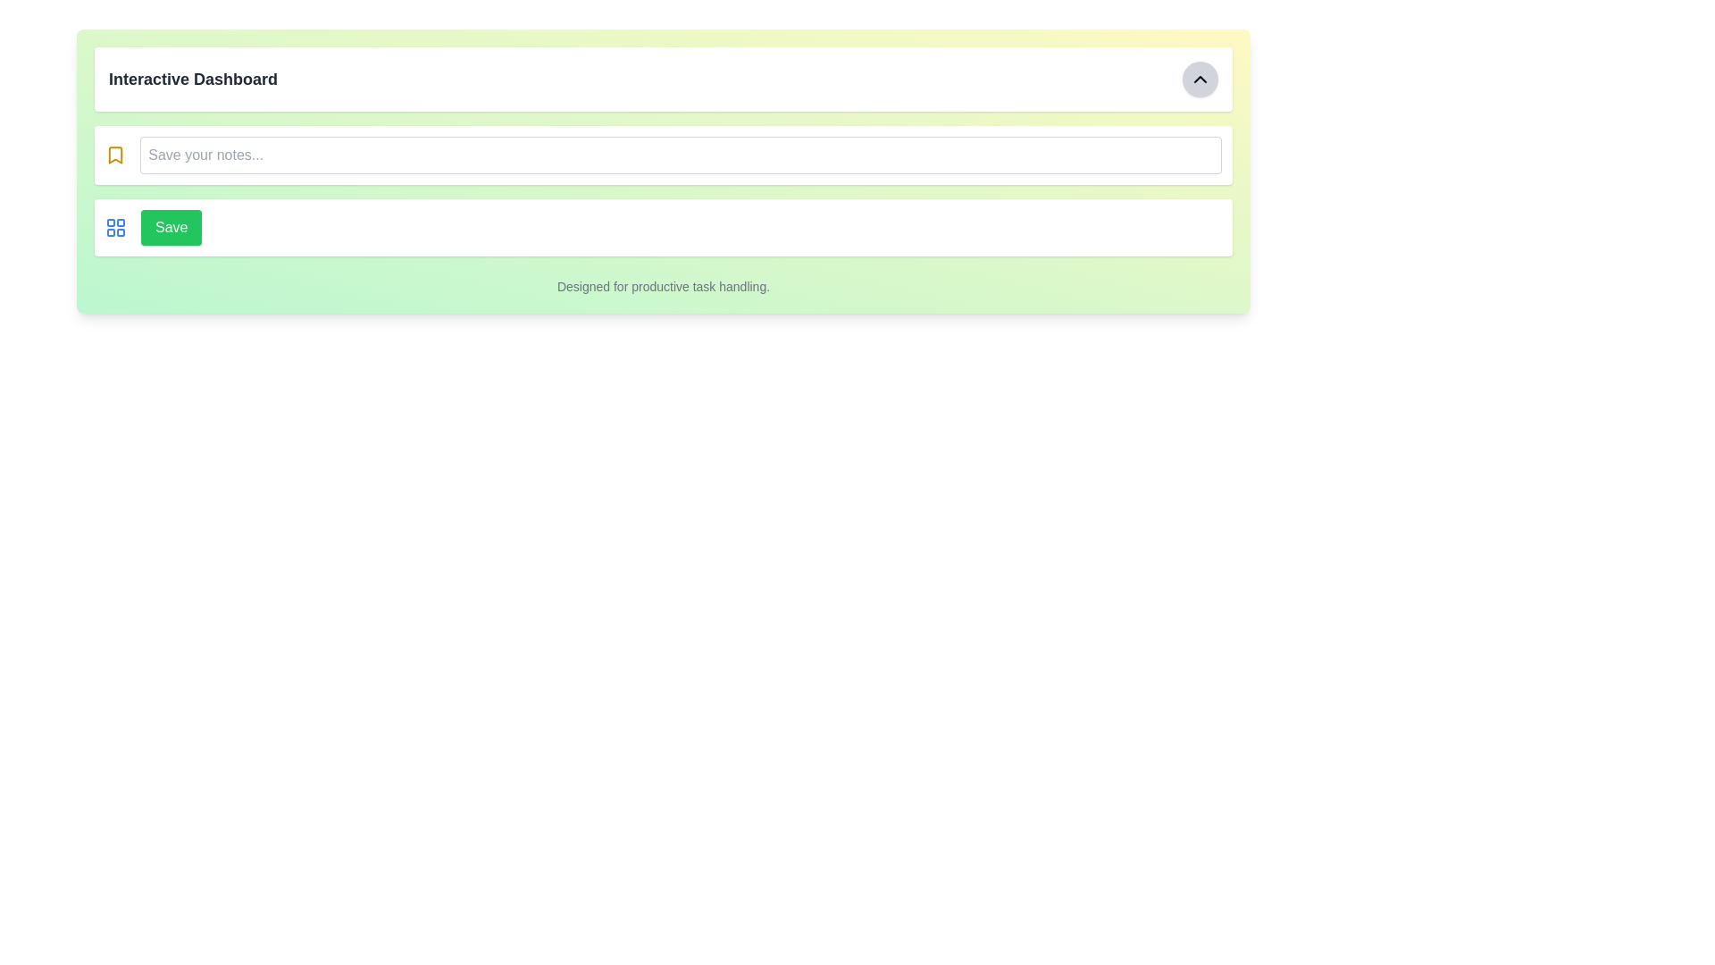 This screenshot has height=965, width=1715. Describe the element at coordinates (114, 154) in the screenshot. I see `the small, vibrant yellow bookmark icon located on the left side of the text input field labeled 'Save your notes...'` at that location.